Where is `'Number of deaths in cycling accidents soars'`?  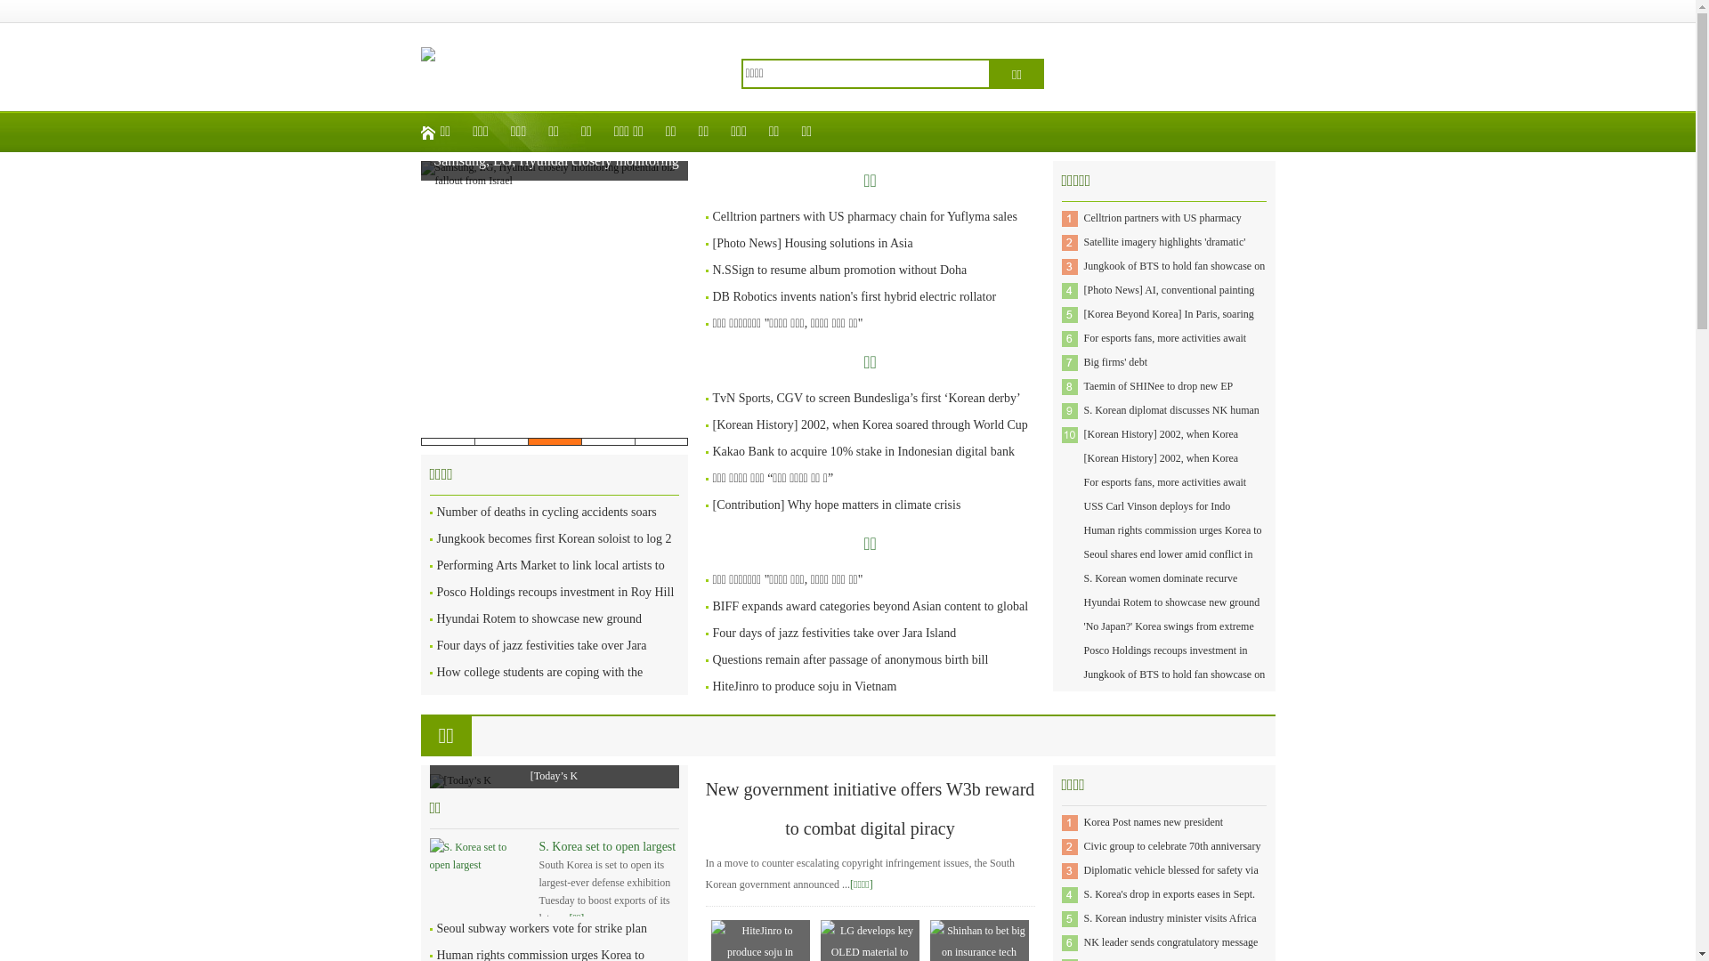
'Number of deaths in cycling accidents soars' is located at coordinates (435, 512).